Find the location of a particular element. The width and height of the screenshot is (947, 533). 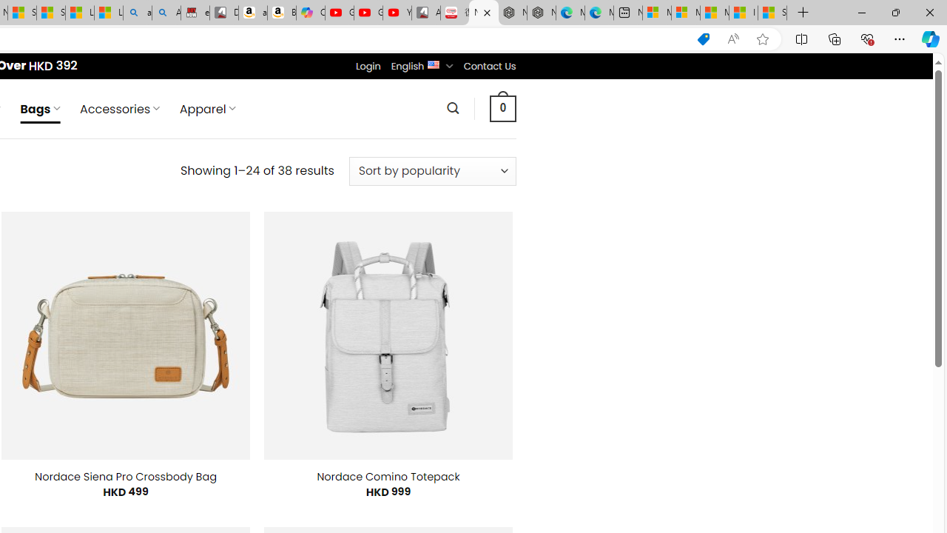

'This site has coupons! Shopping in Microsoft Edge' is located at coordinates (703, 38).